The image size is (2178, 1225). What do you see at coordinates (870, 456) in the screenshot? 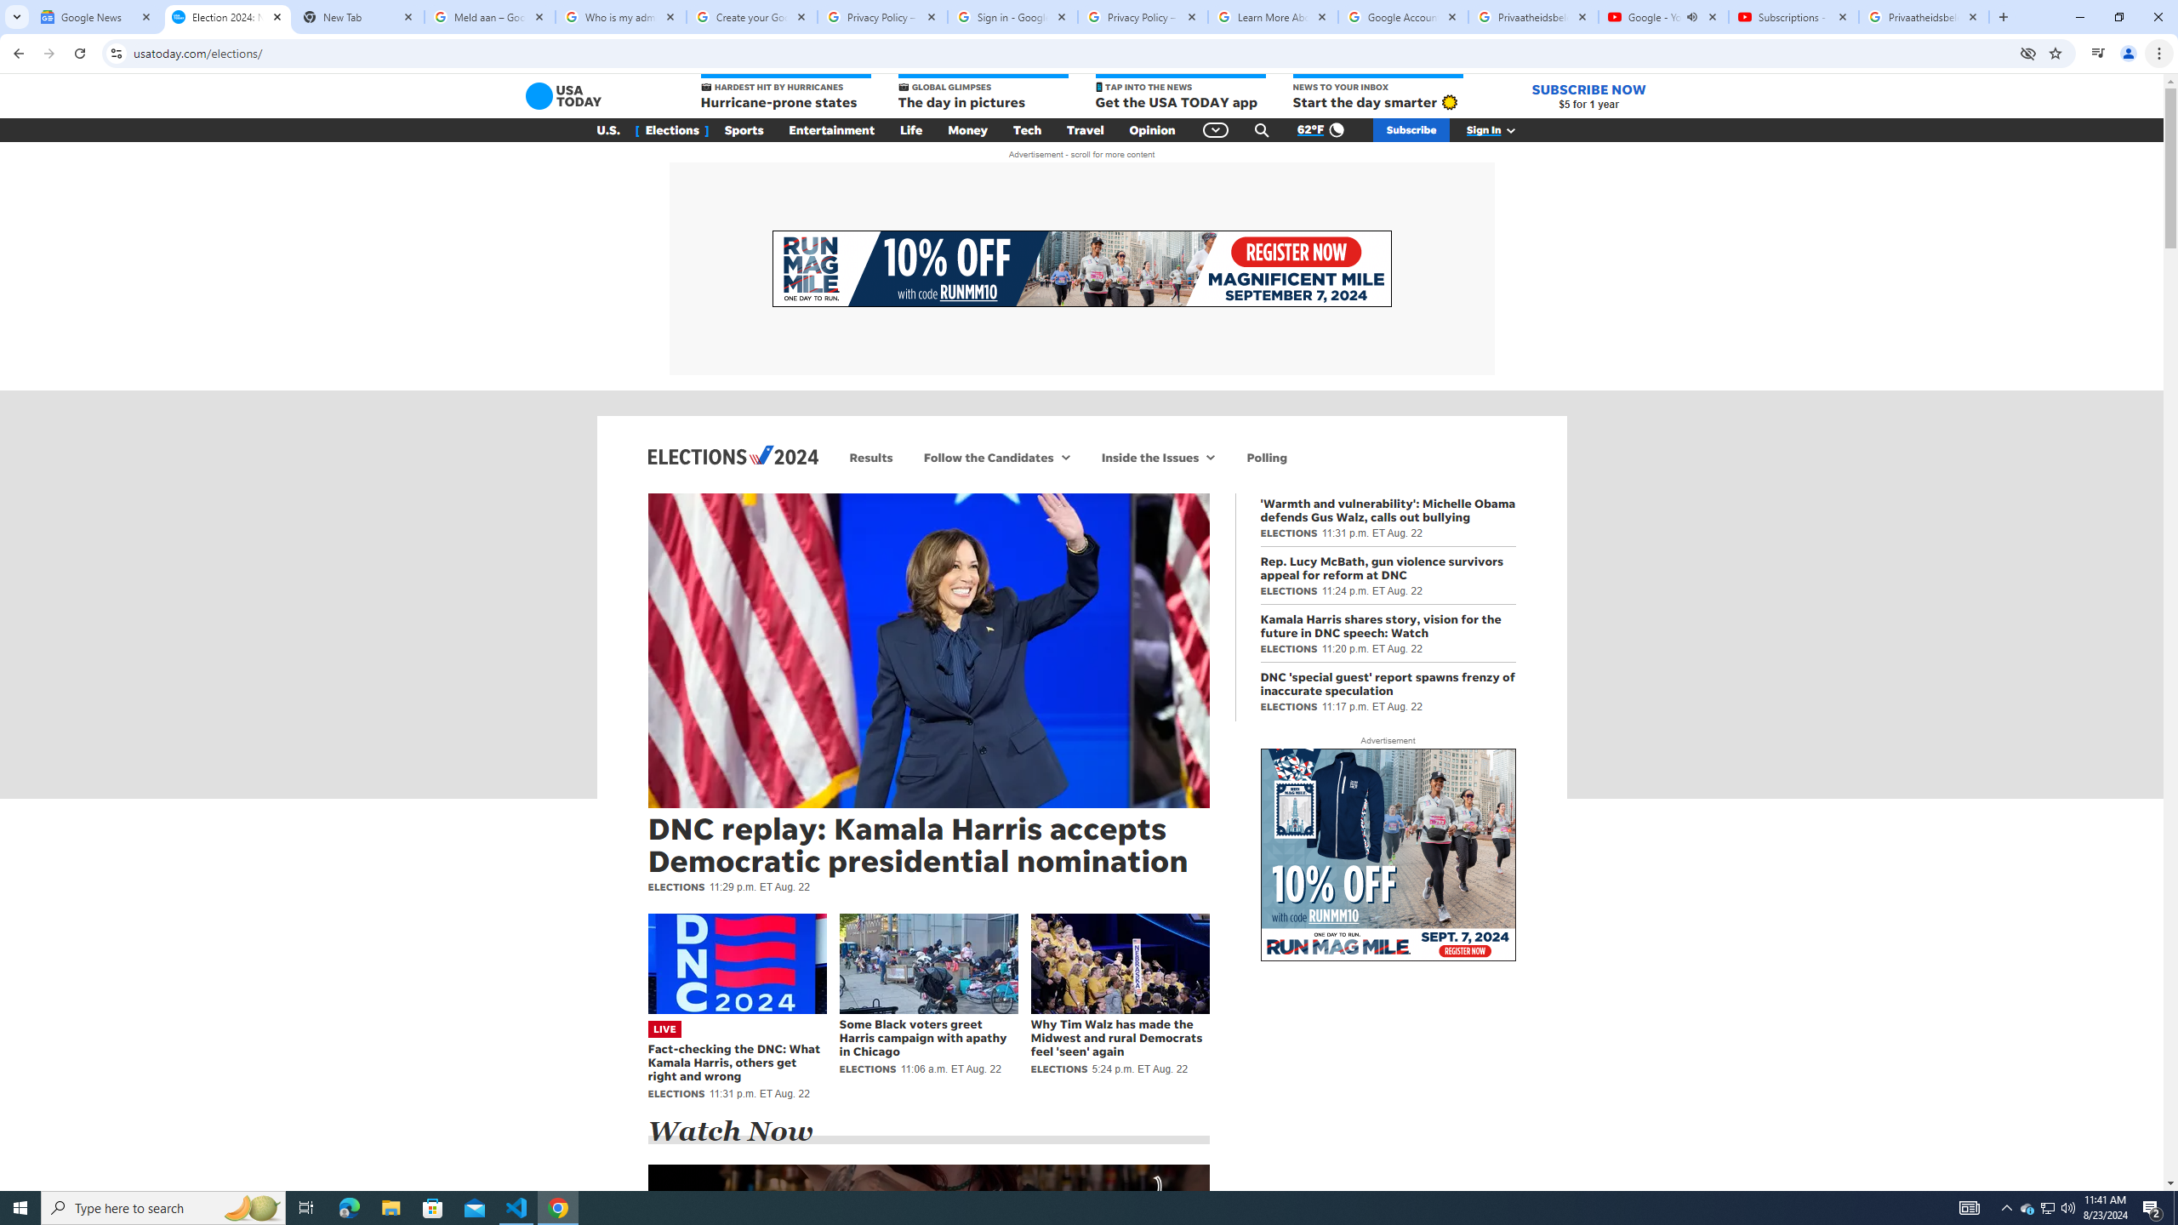
I see `'Results'` at bounding box center [870, 456].